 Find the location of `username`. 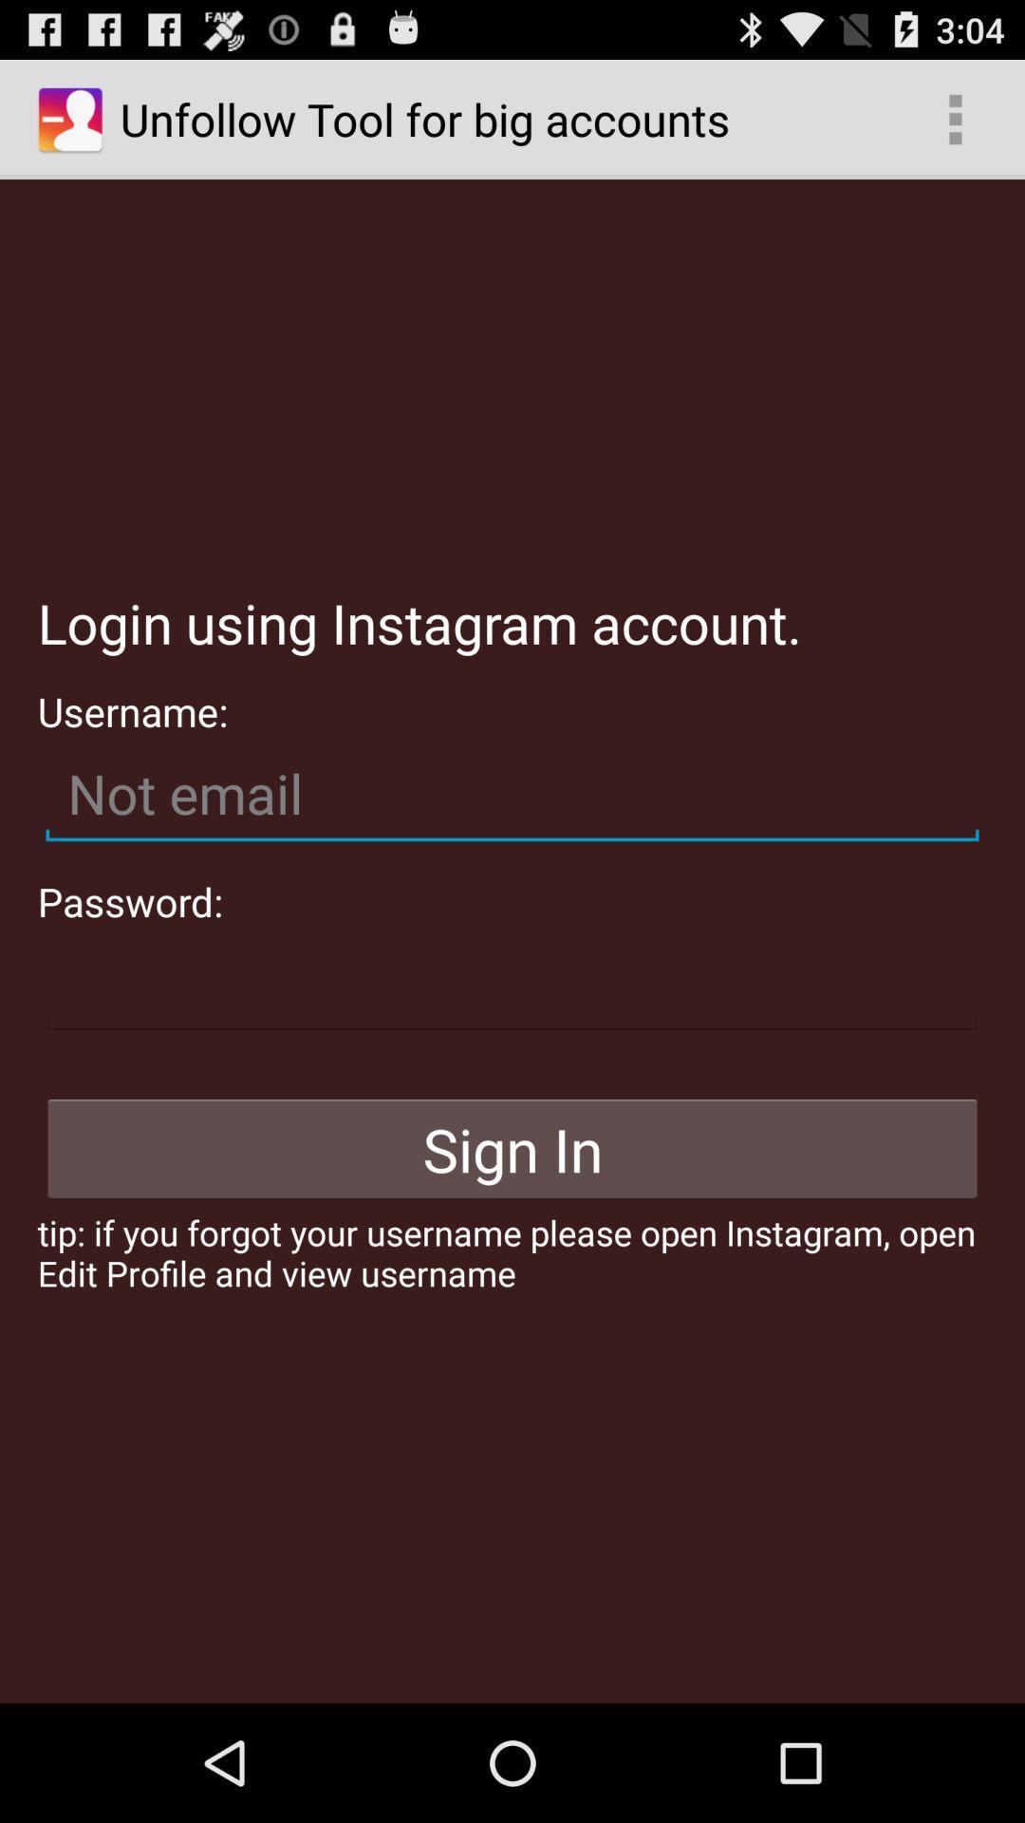

username is located at coordinates (512, 794).